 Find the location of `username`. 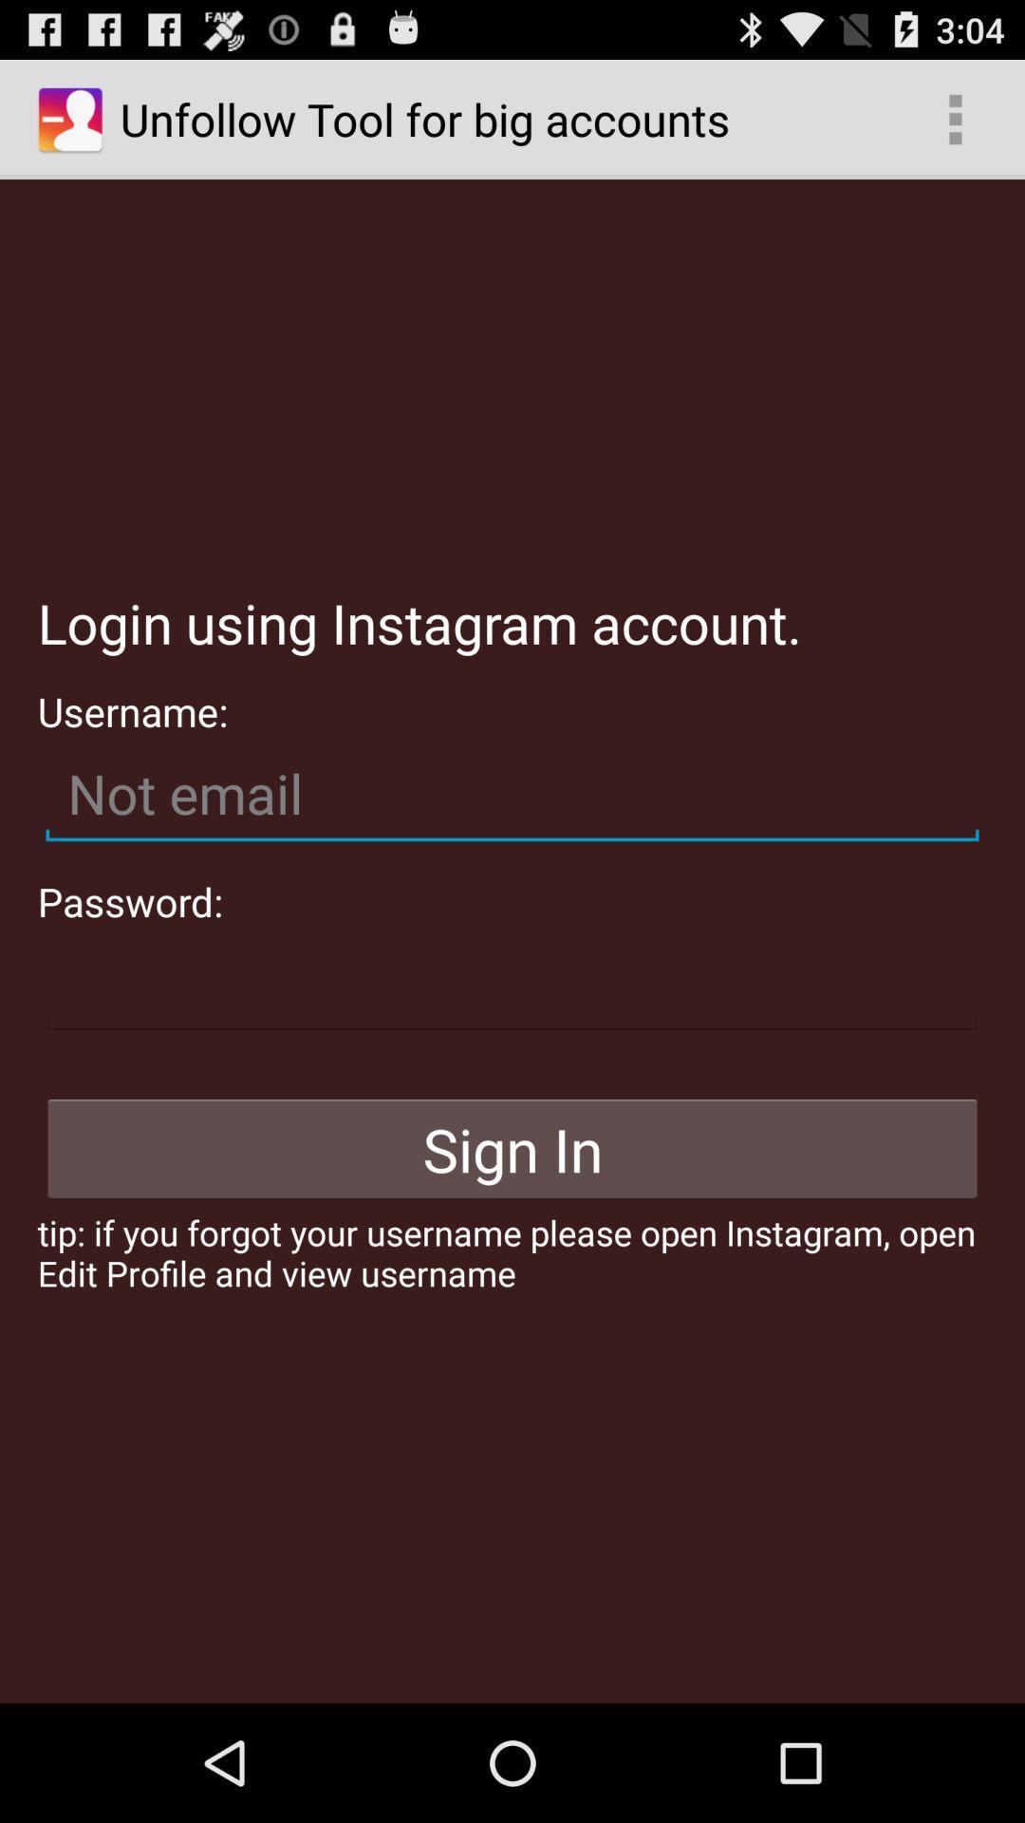

username is located at coordinates (512, 794).